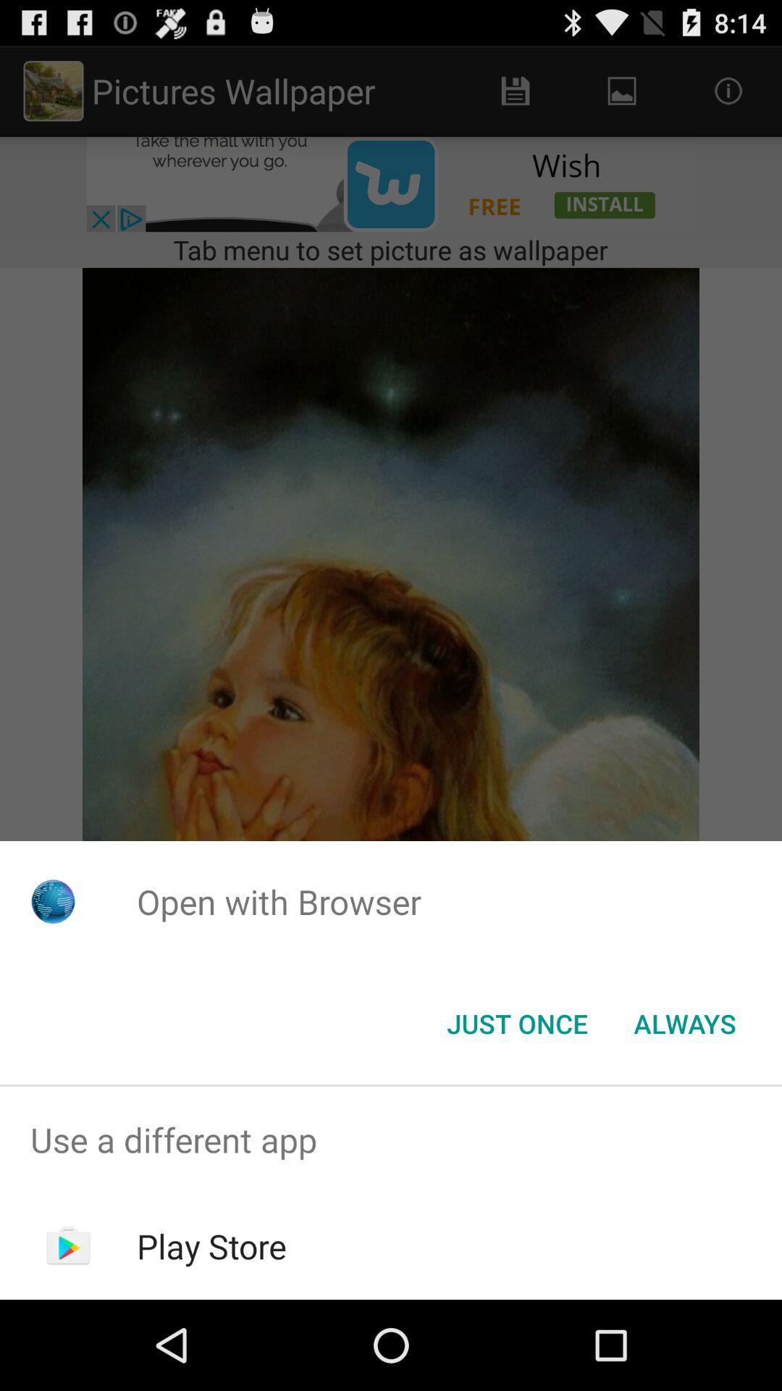 The width and height of the screenshot is (782, 1391). Describe the element at coordinates (684, 1022) in the screenshot. I see `always button` at that location.